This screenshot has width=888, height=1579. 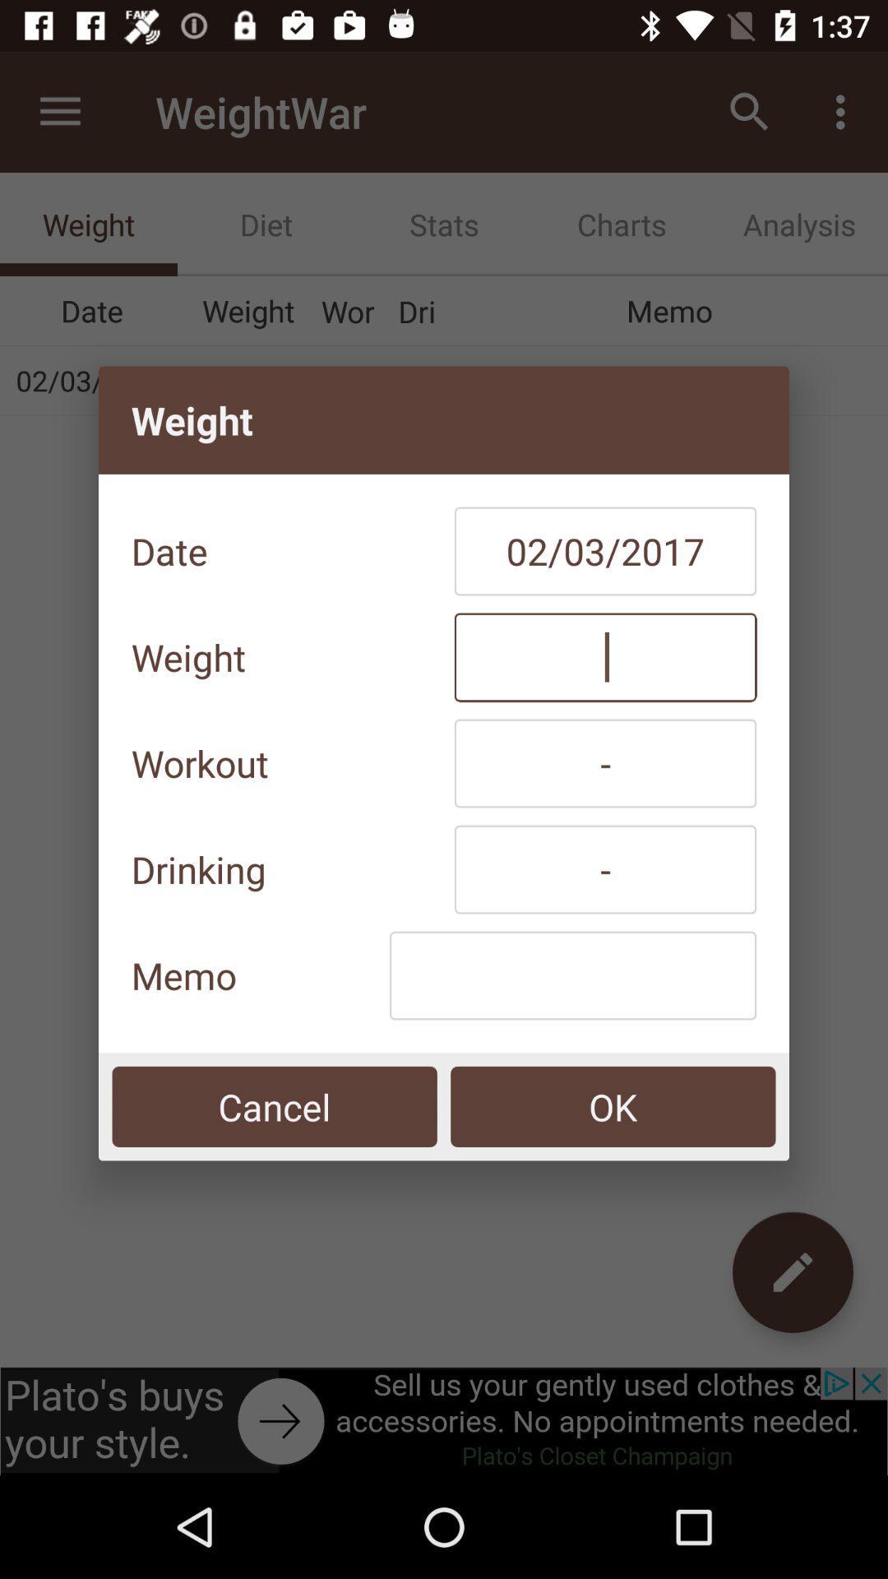 I want to click on item to the right of the drinking, so click(x=605, y=868).